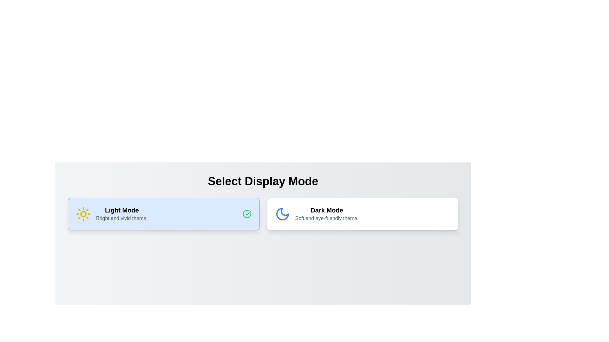  What do you see at coordinates (246, 214) in the screenshot?
I see `the circular-shaped vector graphic component that visually represents a checkmark in the top-right area of the 'Light Mode' card` at bounding box center [246, 214].